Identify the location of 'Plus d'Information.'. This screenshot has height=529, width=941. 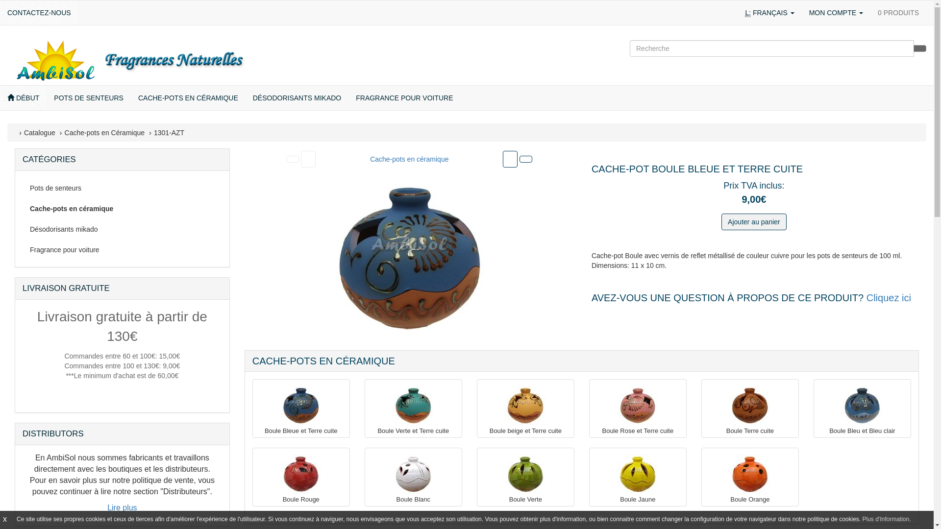
(887, 519).